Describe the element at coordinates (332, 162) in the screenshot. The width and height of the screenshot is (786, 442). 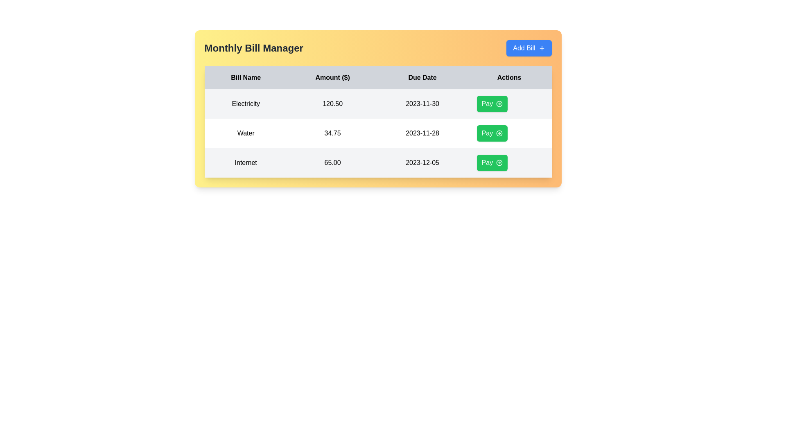
I see `the text label displaying the monetary value for the 'Internet' bill in the table, located under the 'Amount ($)' column` at that location.